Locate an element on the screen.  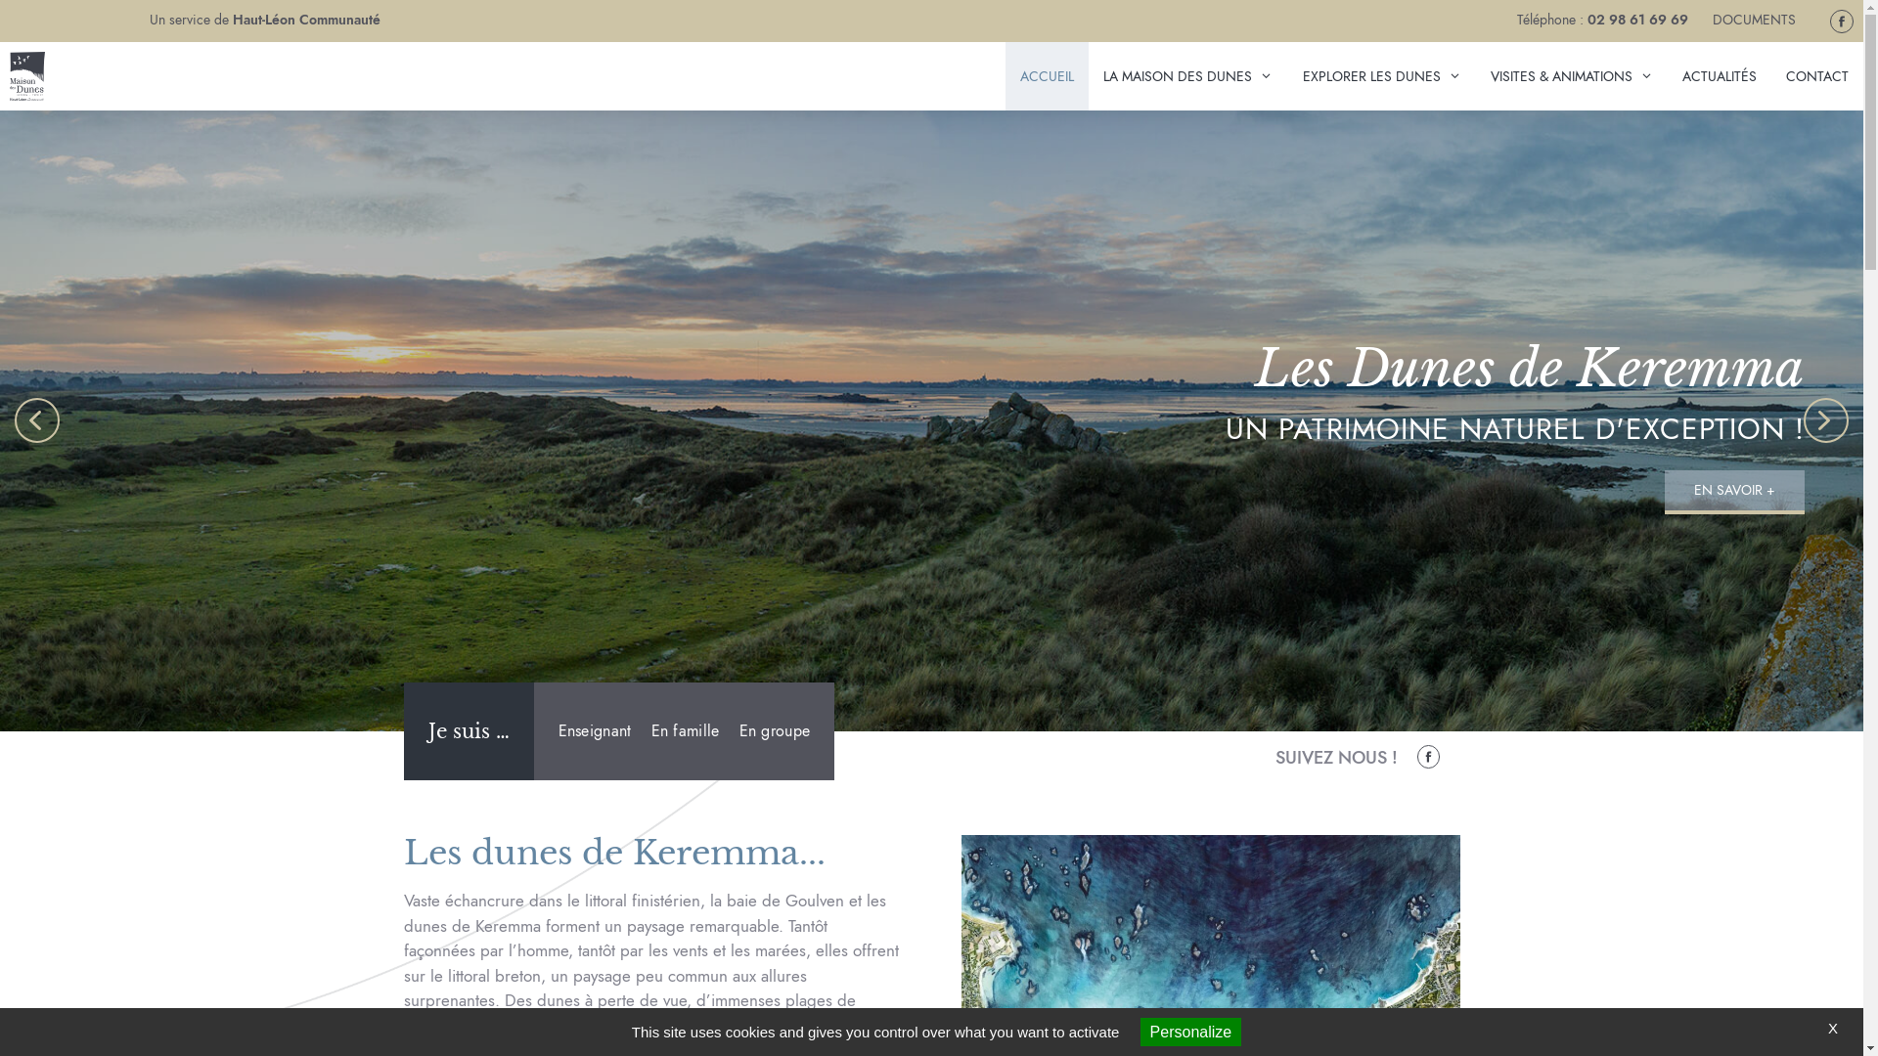
'02 98 61 69 69' is located at coordinates (1637, 19).